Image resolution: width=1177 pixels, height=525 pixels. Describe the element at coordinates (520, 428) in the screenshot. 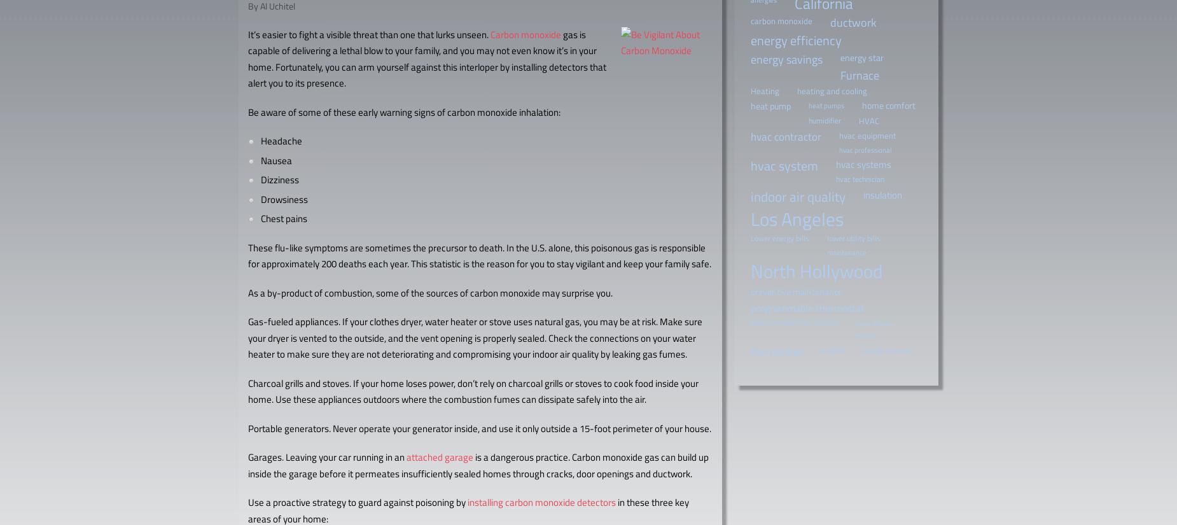

I see `'Never operate your generator inside, and use it only outside a 15-foot perimeter of your house.'` at that location.